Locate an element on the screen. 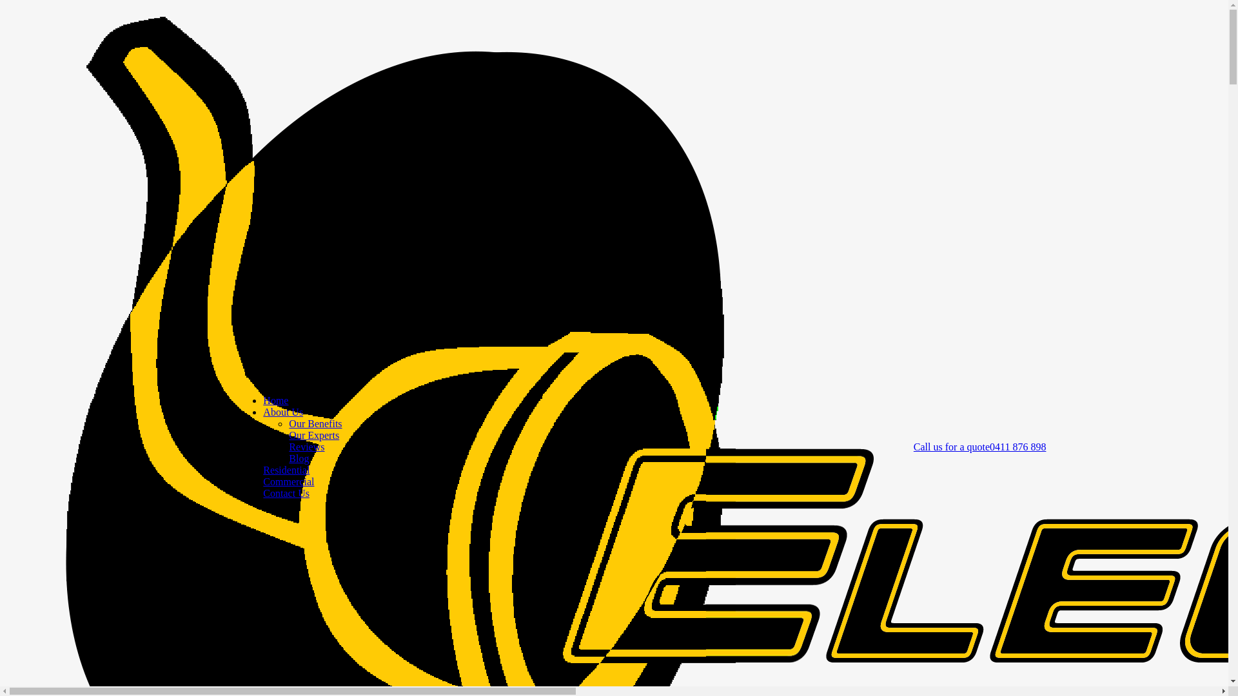 This screenshot has width=1238, height=696. 'Our Experts' is located at coordinates (313, 435).